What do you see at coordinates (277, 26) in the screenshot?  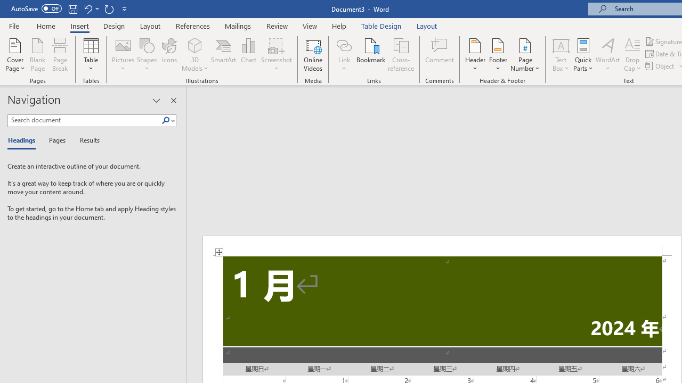 I see `'Review'` at bounding box center [277, 26].